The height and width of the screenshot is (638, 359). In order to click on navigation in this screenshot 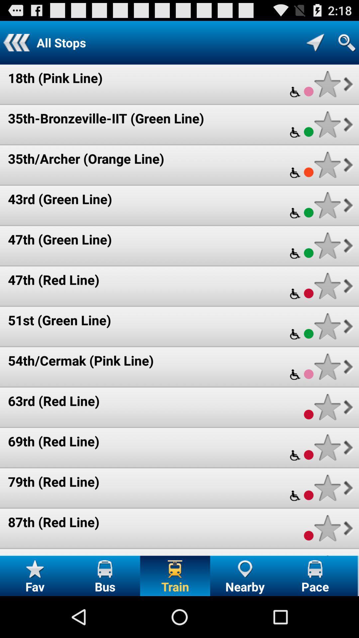, I will do `click(315, 42)`.